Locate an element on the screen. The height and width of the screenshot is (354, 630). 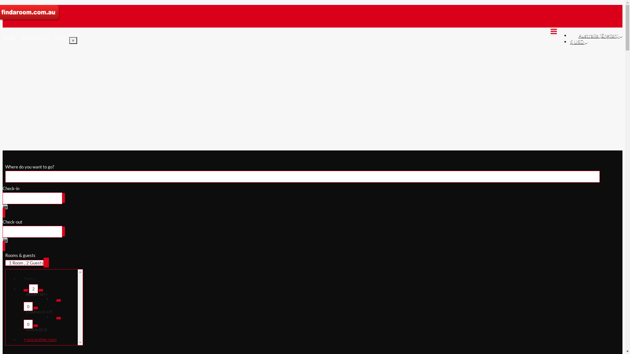
'Australia (English)' is located at coordinates (600, 35).